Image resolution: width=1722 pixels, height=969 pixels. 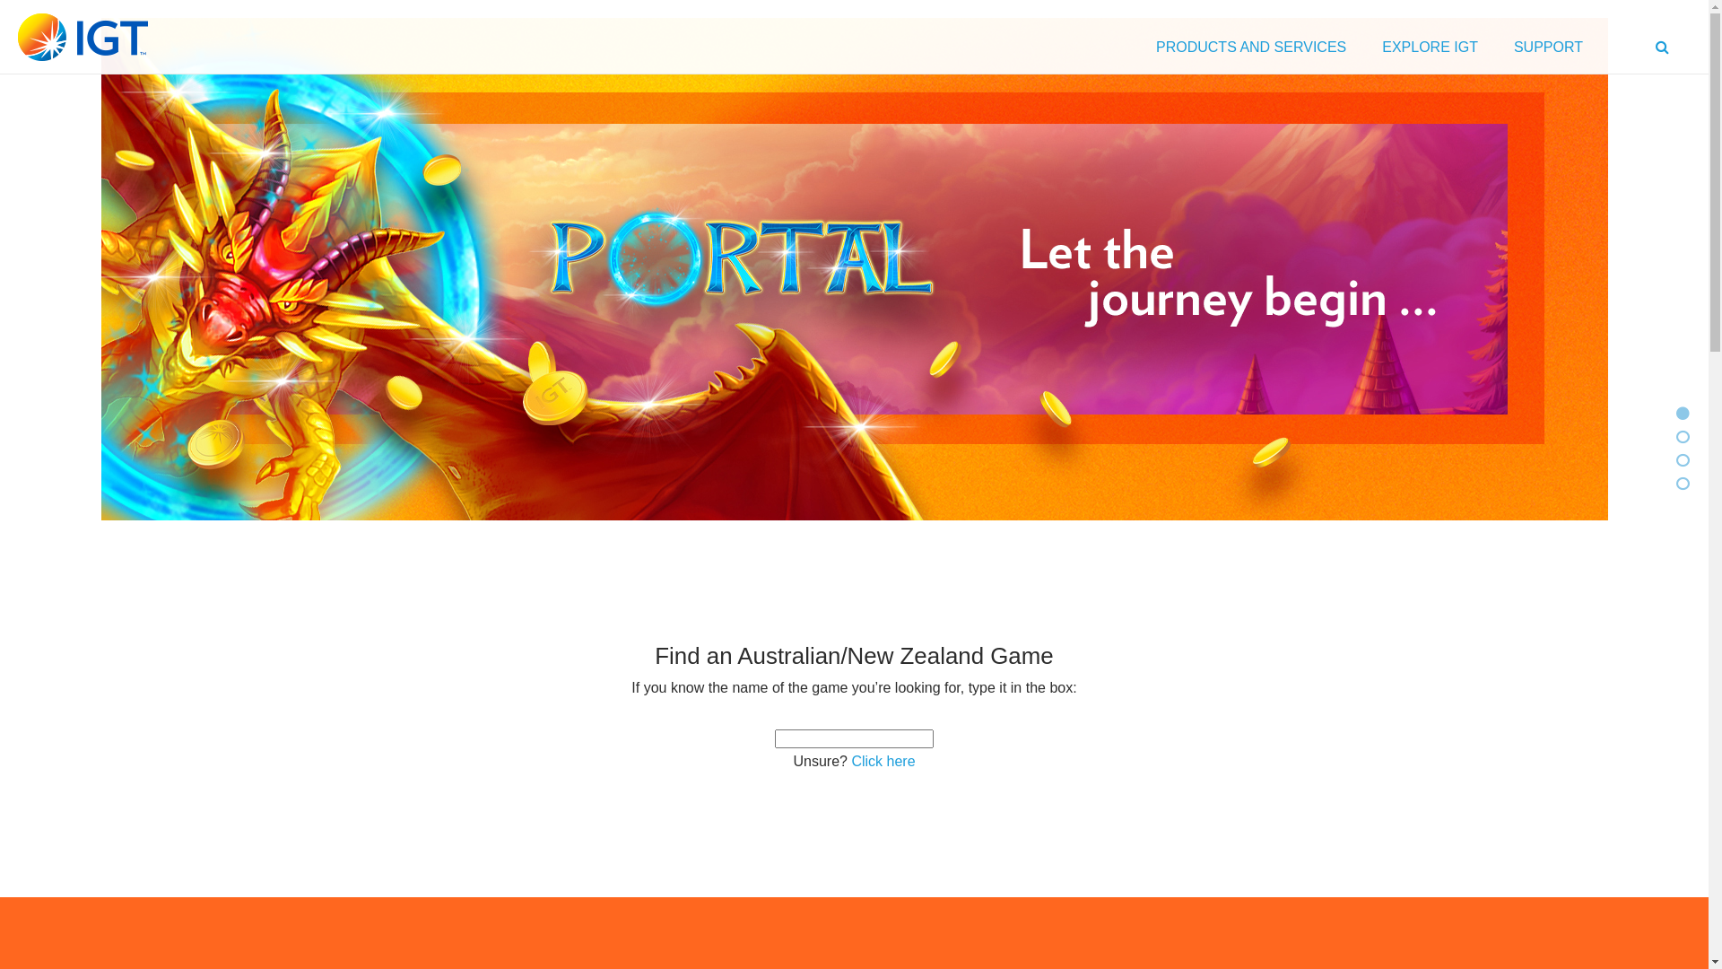 What do you see at coordinates (850, 761) in the screenshot?
I see `'Click here'` at bounding box center [850, 761].